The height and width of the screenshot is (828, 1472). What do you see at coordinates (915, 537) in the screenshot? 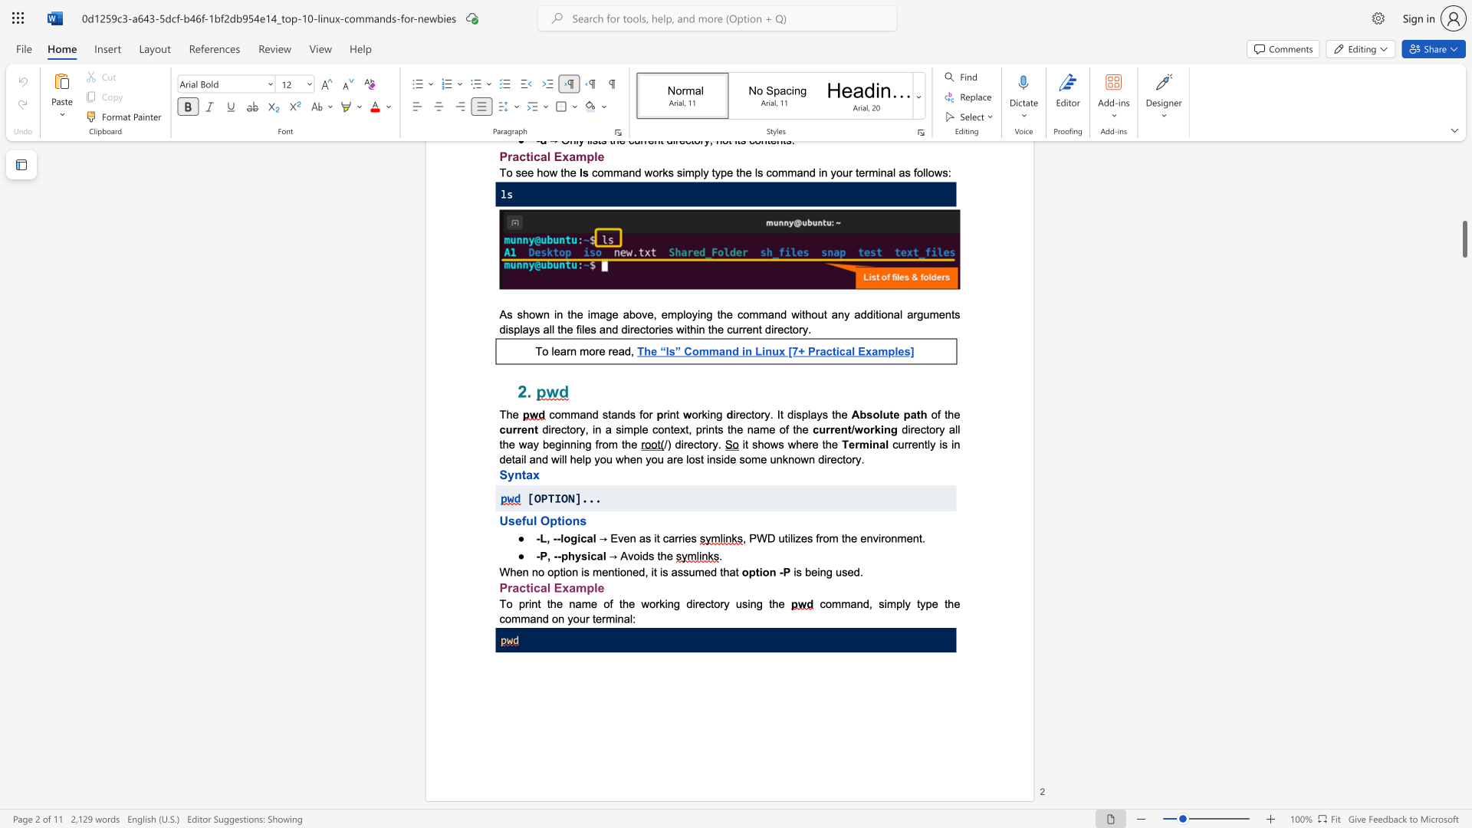
I see `the 3th character "n" in the text` at bounding box center [915, 537].